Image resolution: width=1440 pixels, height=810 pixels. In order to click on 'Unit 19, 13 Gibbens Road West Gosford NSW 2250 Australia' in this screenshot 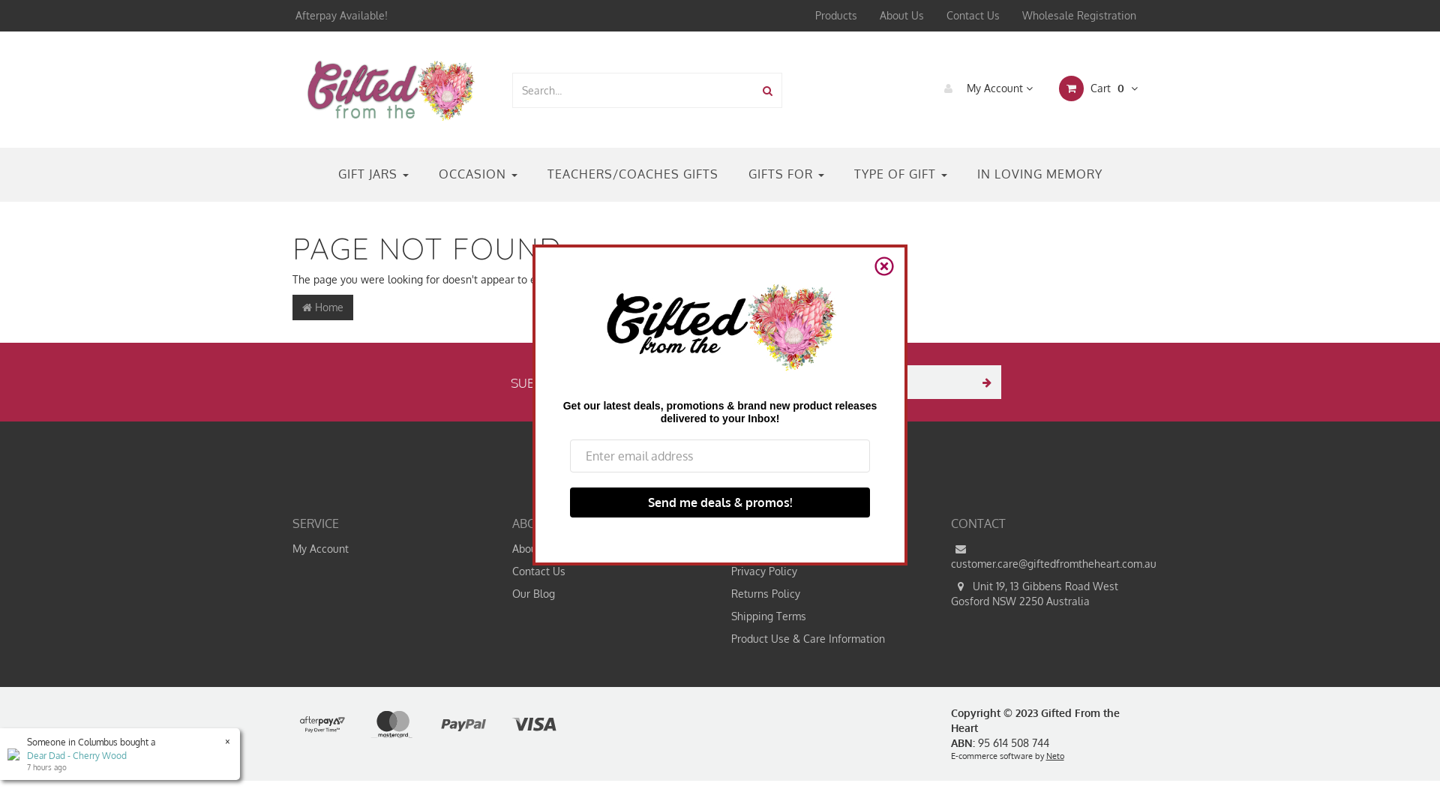, I will do `click(1042, 592)`.